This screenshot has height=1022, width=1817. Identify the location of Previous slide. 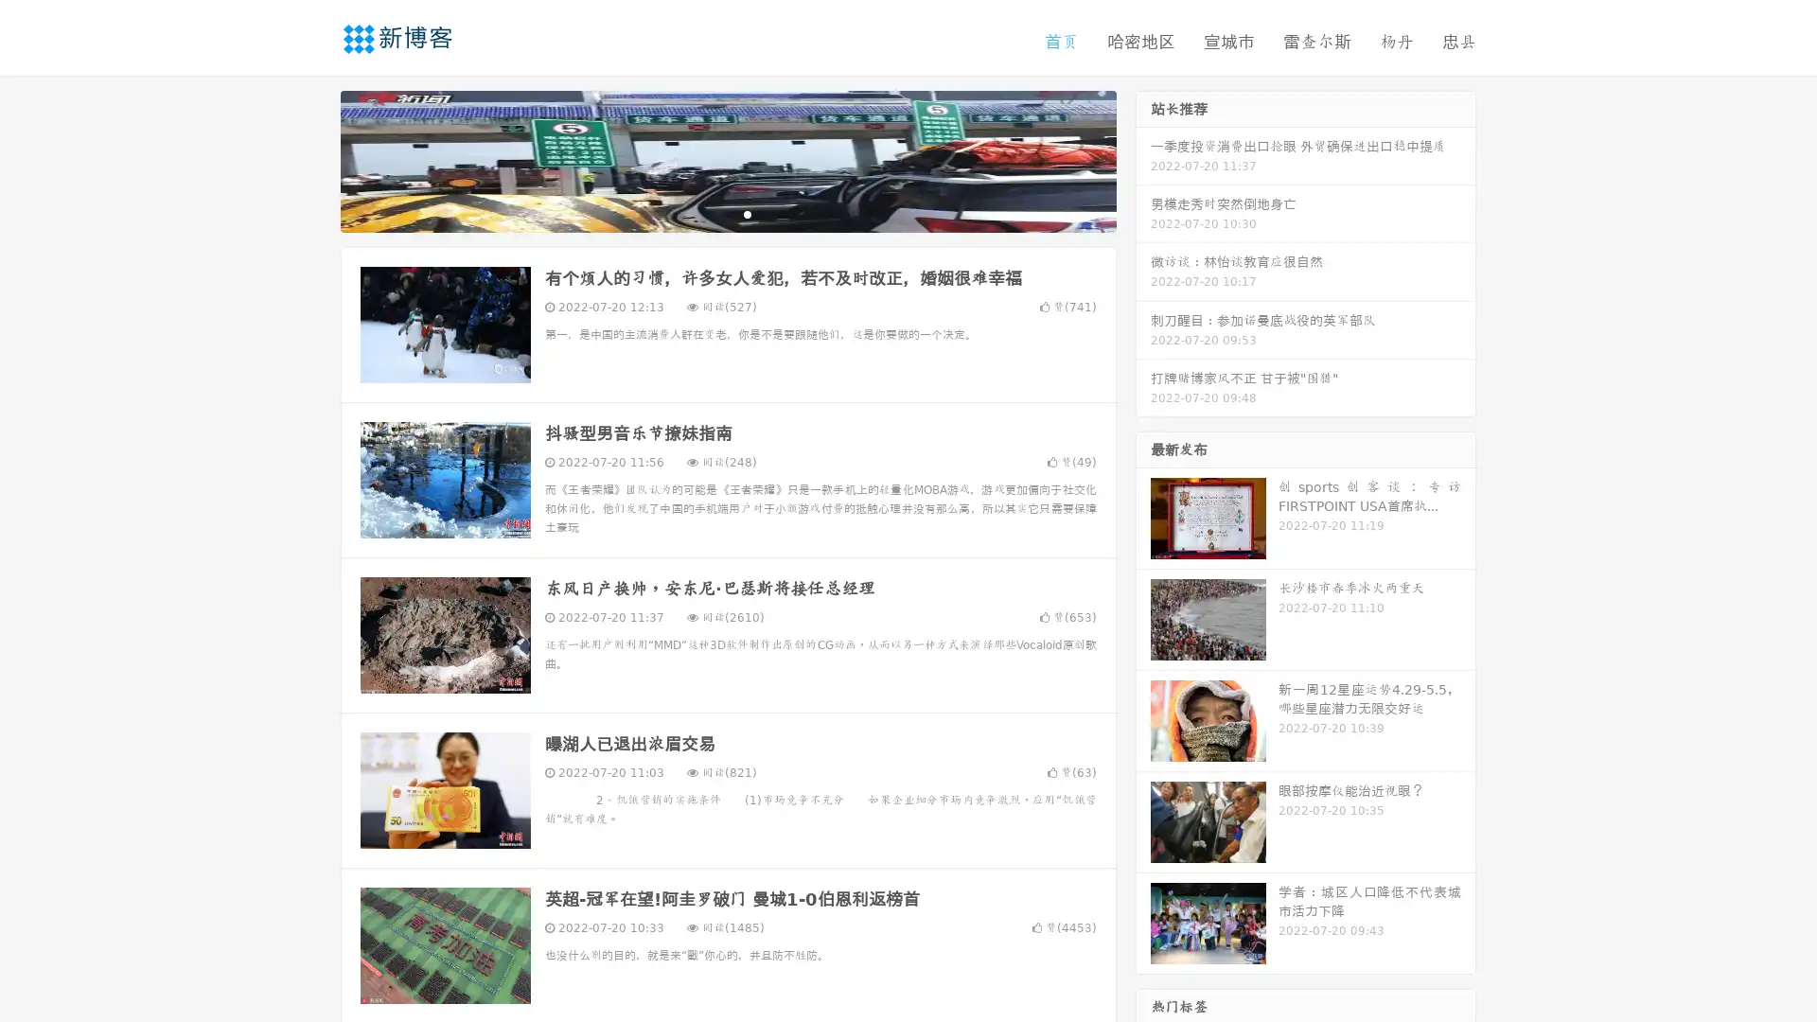
(312, 159).